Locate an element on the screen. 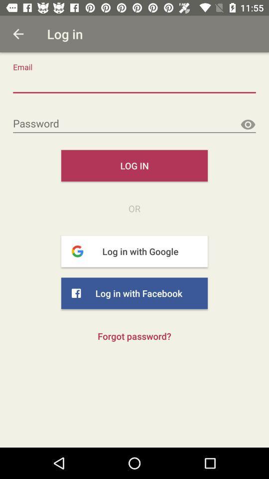 The image size is (269, 479). visible password is located at coordinates (247, 124).